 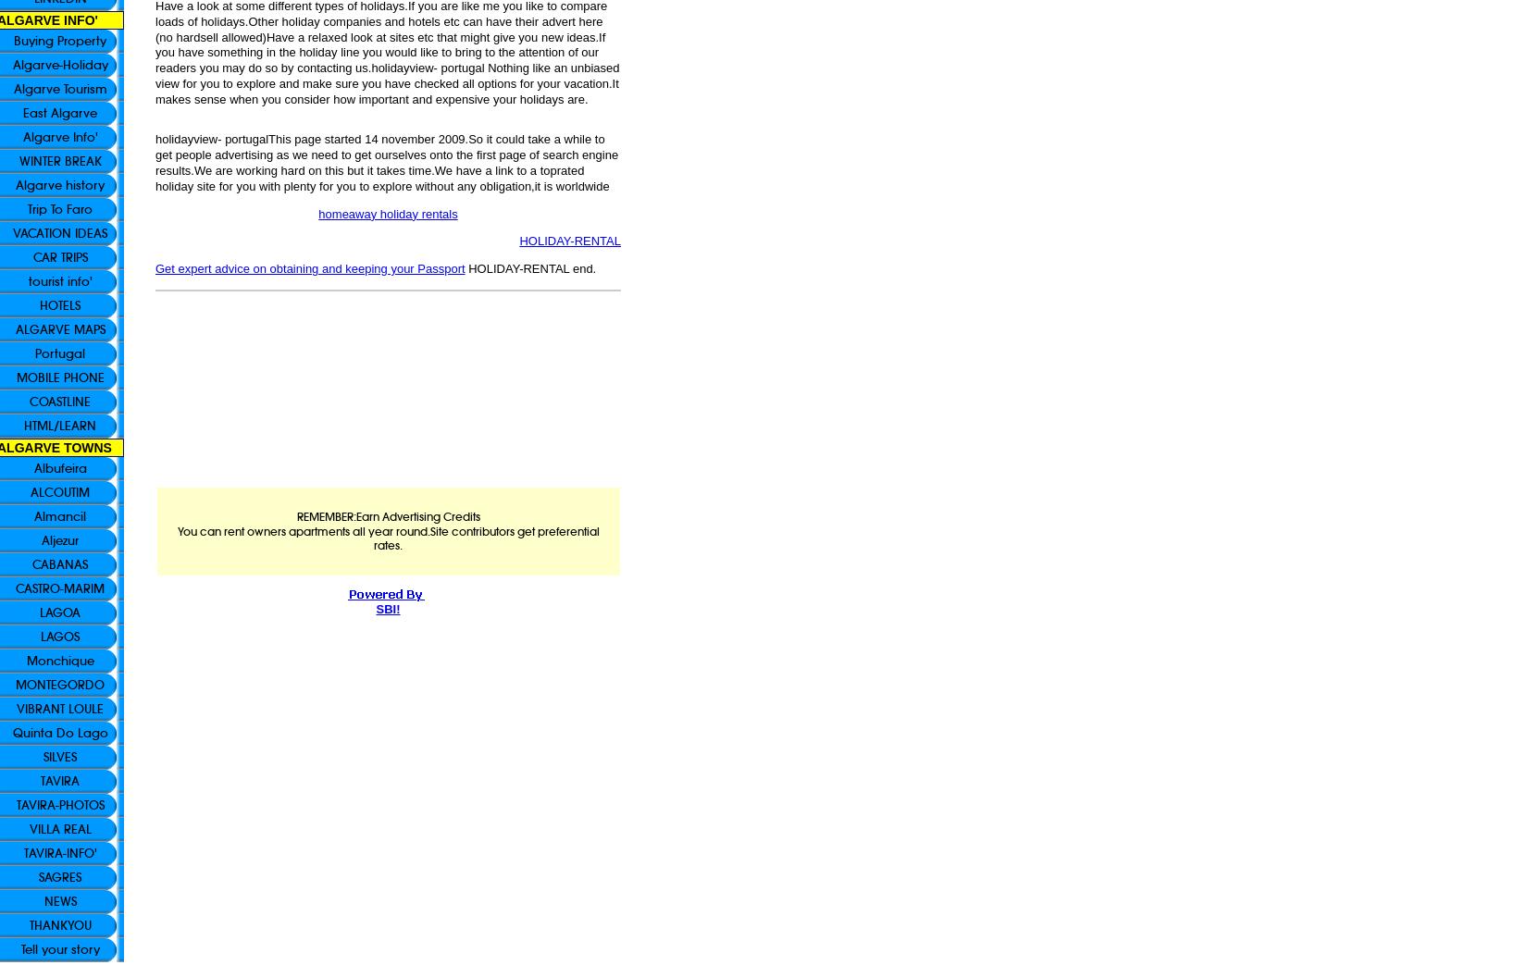 What do you see at coordinates (60, 232) in the screenshot?
I see `'VACATION IDEAS'` at bounding box center [60, 232].